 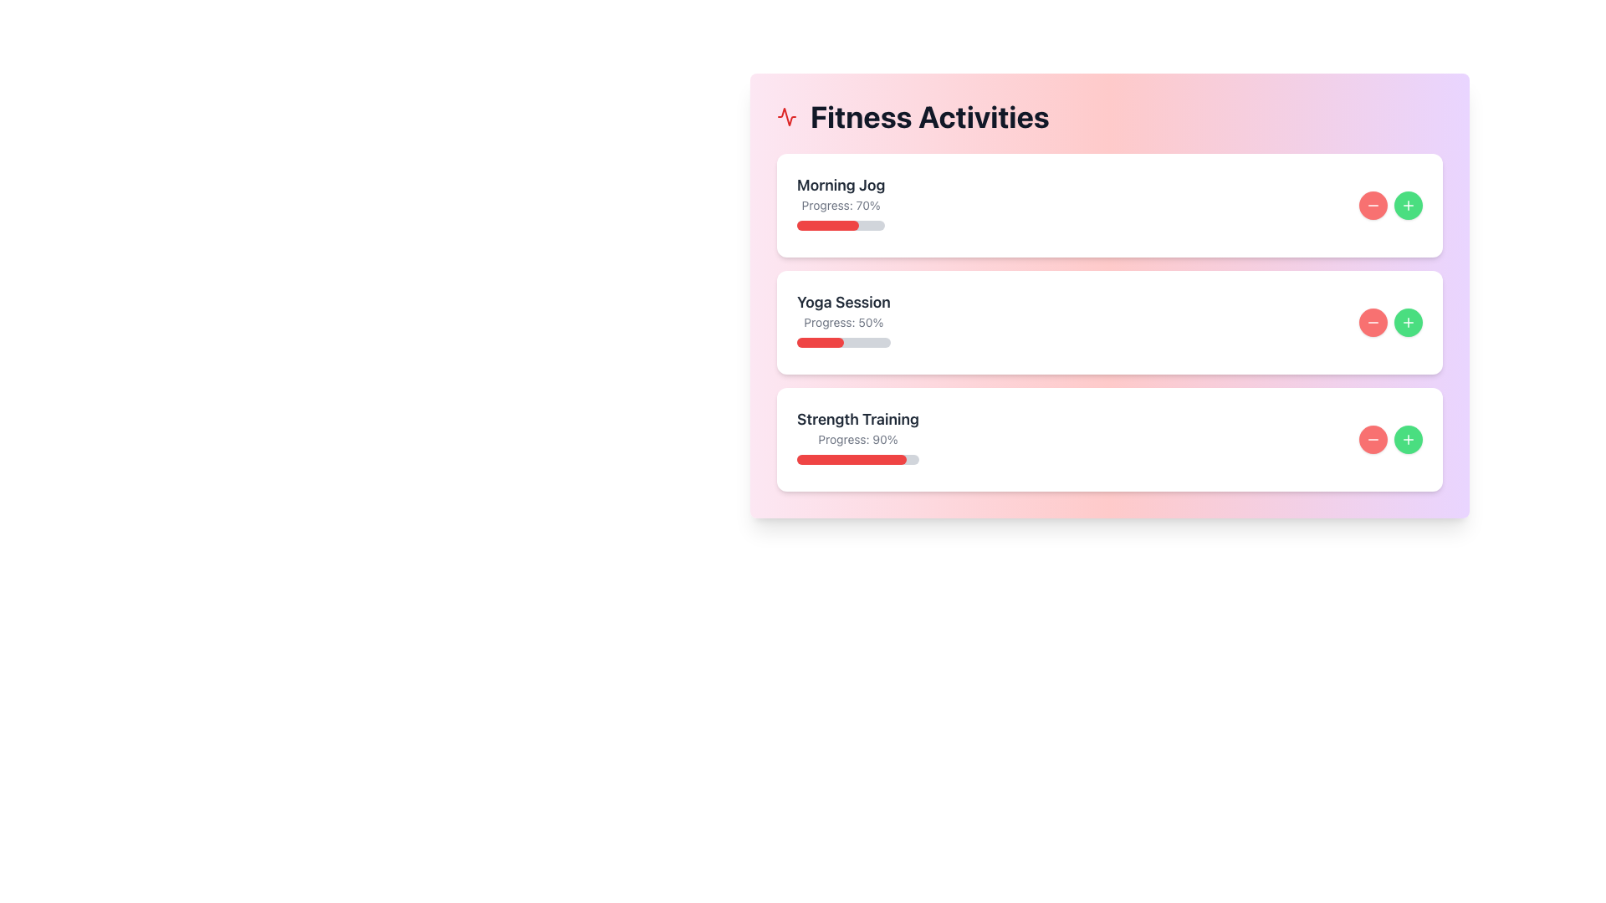 I want to click on the text label displaying 'Progress: 90%' which is located beneath the main title 'Strength Training' and aligned to its left, so click(x=857, y=438).